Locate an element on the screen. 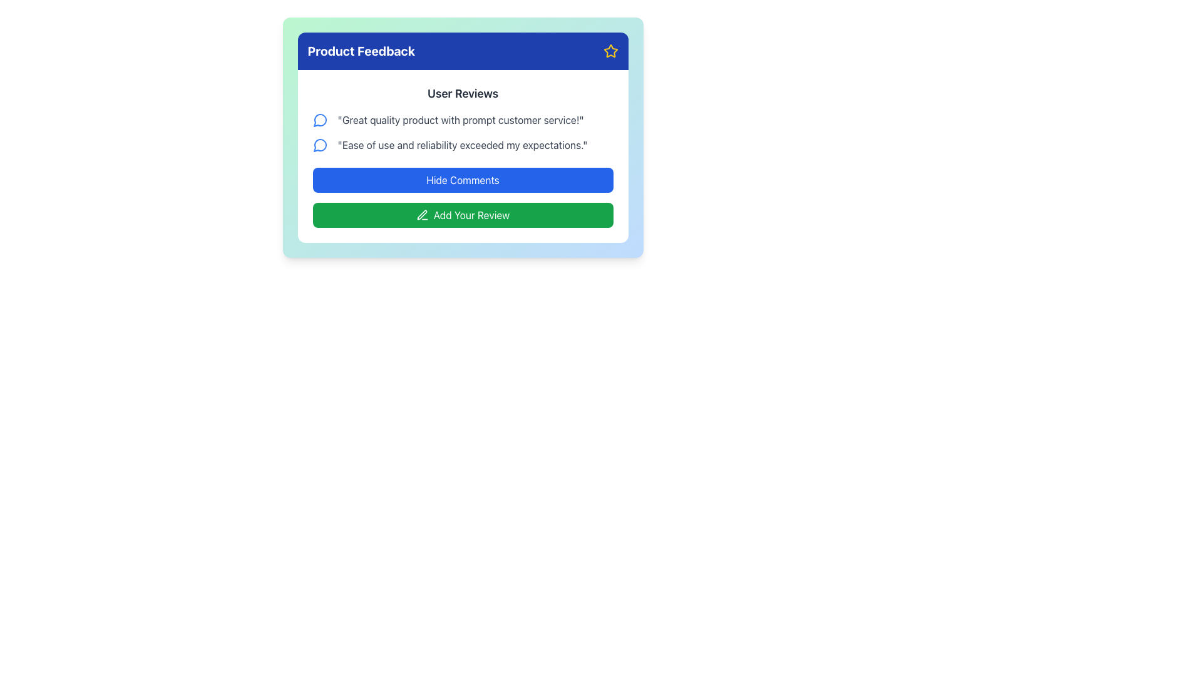 The width and height of the screenshot is (1202, 676). the text label on the green button that signifies the action to add a review, located within the 'Product Feedback' card is located at coordinates (471, 214).